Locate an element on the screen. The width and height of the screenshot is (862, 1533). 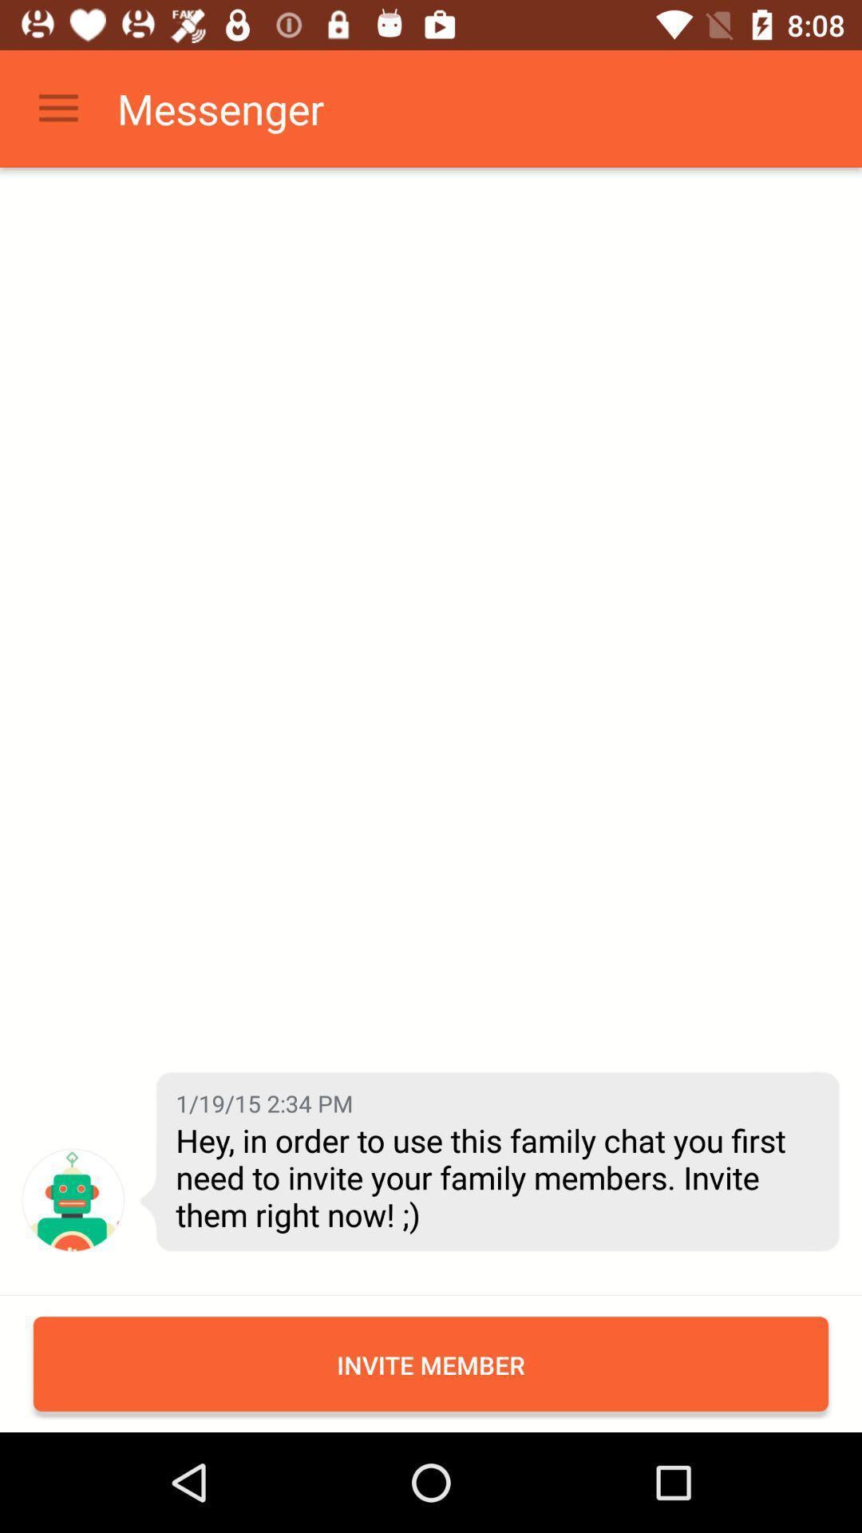
invite member icon is located at coordinates (431, 1363).